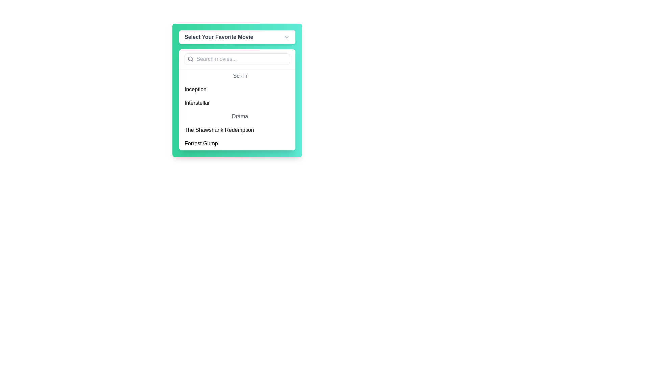  What do you see at coordinates (237, 76) in the screenshot?
I see `the text label reading 'Sci-Fi' which is the first entry in the dropdown menu under the search bar` at bounding box center [237, 76].